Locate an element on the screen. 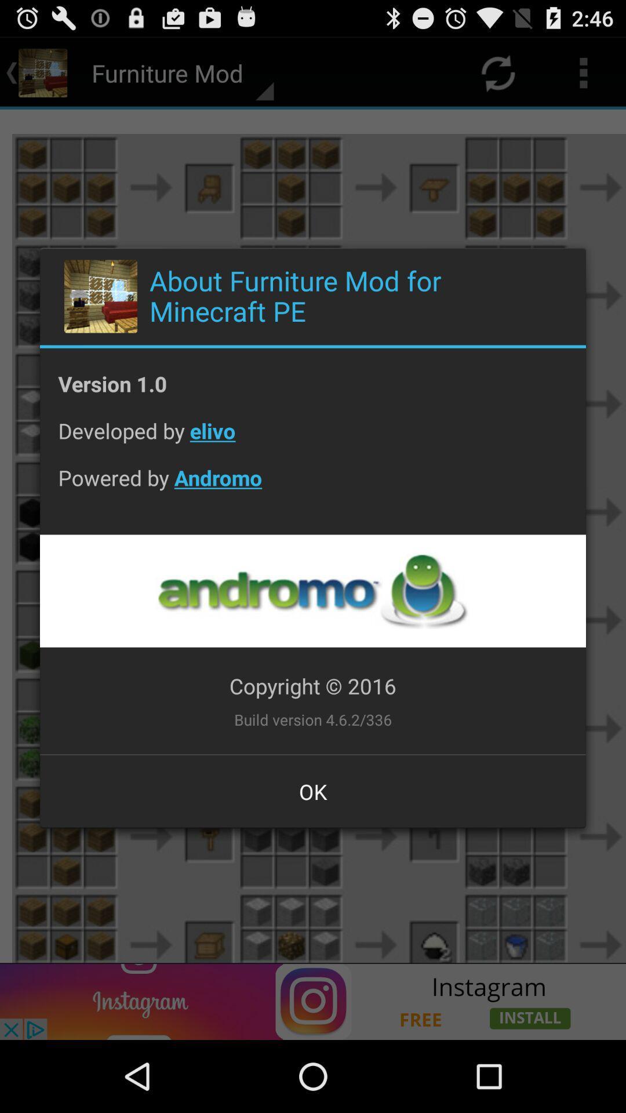 Image resolution: width=626 pixels, height=1113 pixels. ok icon is located at coordinates (313, 791).